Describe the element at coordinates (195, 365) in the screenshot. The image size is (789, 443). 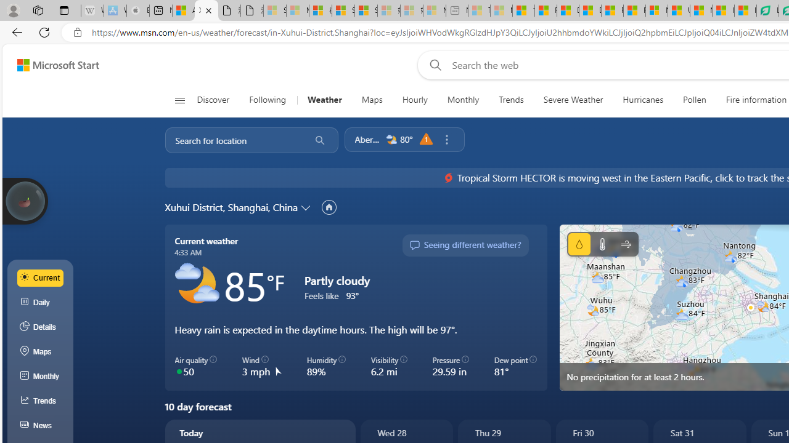
I see `'Air quality 50'` at that location.